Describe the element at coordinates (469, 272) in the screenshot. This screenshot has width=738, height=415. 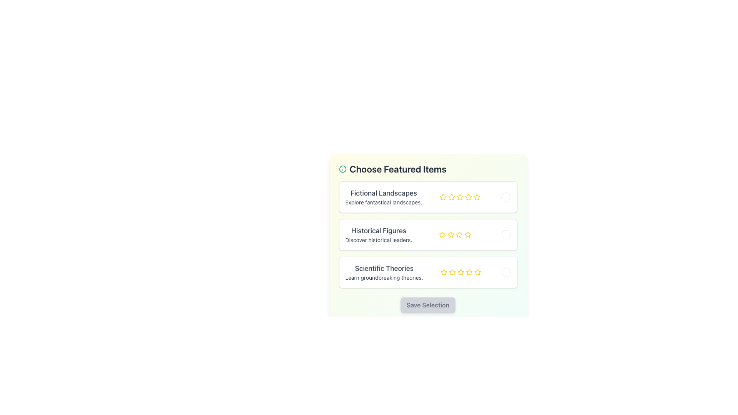
I see `the fifth star icon with a yellow outline in the star rating component associated with the 'Scientific Theories' list item to rate it` at that location.